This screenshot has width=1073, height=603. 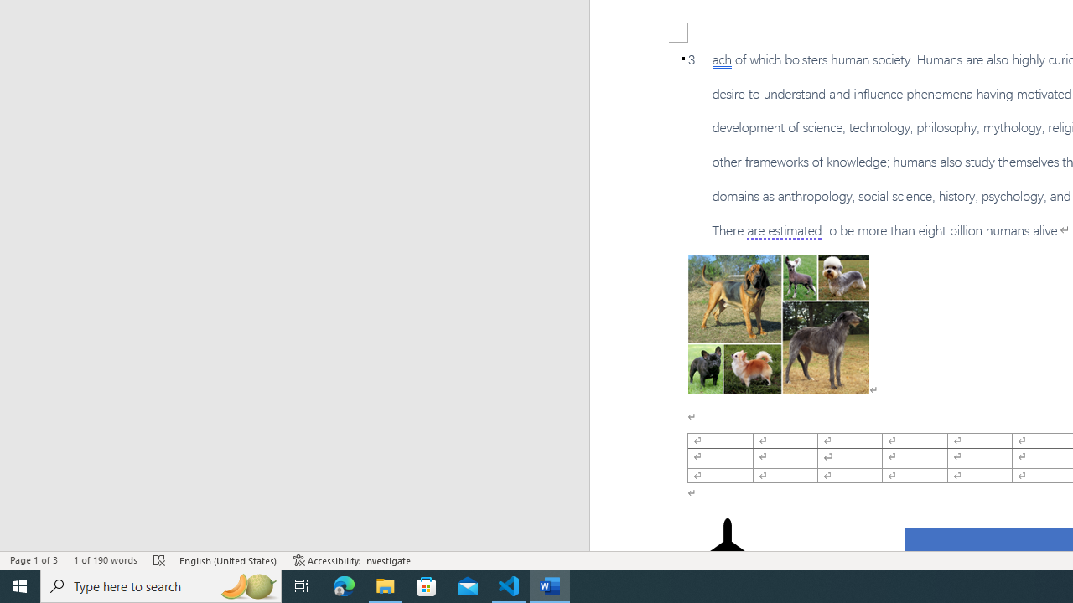 I want to click on 'Word - 1 running window', so click(x=550, y=585).